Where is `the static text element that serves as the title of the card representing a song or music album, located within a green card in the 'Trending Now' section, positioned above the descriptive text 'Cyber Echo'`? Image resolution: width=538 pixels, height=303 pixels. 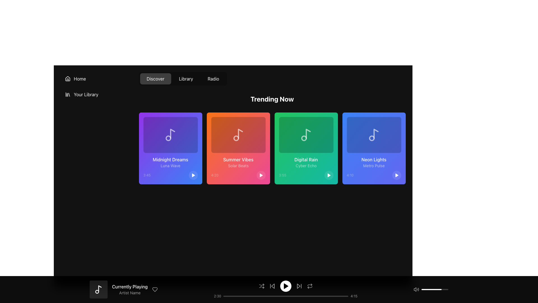 the static text element that serves as the title of the card representing a song or music album, located within a green card in the 'Trending Now' section, positioned above the descriptive text 'Cyber Echo' is located at coordinates (306, 160).